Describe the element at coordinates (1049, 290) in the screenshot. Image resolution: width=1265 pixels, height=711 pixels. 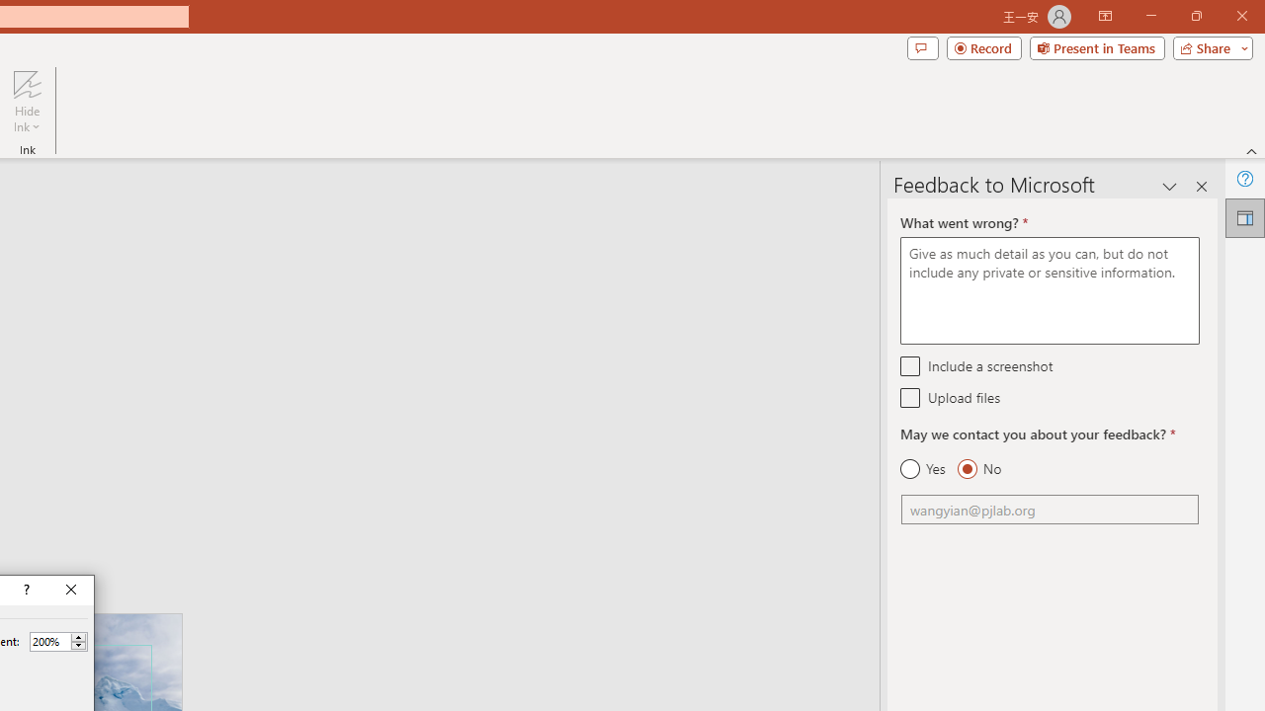
I see `'What went wrong? *'` at that location.